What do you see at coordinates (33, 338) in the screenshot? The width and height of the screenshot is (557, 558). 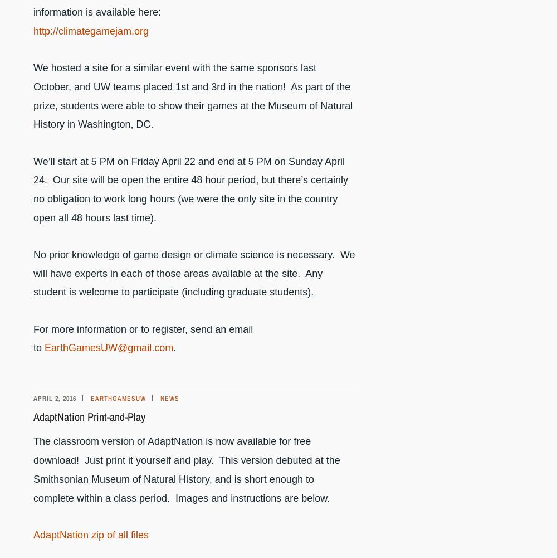 I see `'For more information or to register, send an email to'` at bounding box center [33, 338].